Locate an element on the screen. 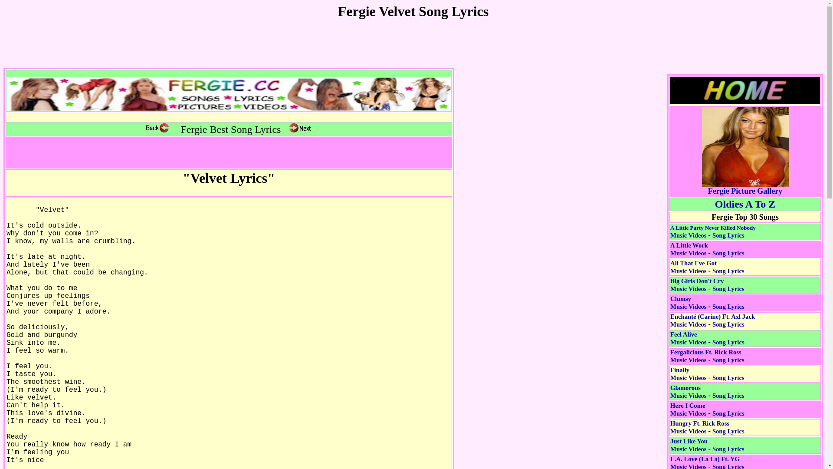 The height and width of the screenshot is (469, 833). 'Hungry Ft. Rick Ross is located at coordinates (699, 426).